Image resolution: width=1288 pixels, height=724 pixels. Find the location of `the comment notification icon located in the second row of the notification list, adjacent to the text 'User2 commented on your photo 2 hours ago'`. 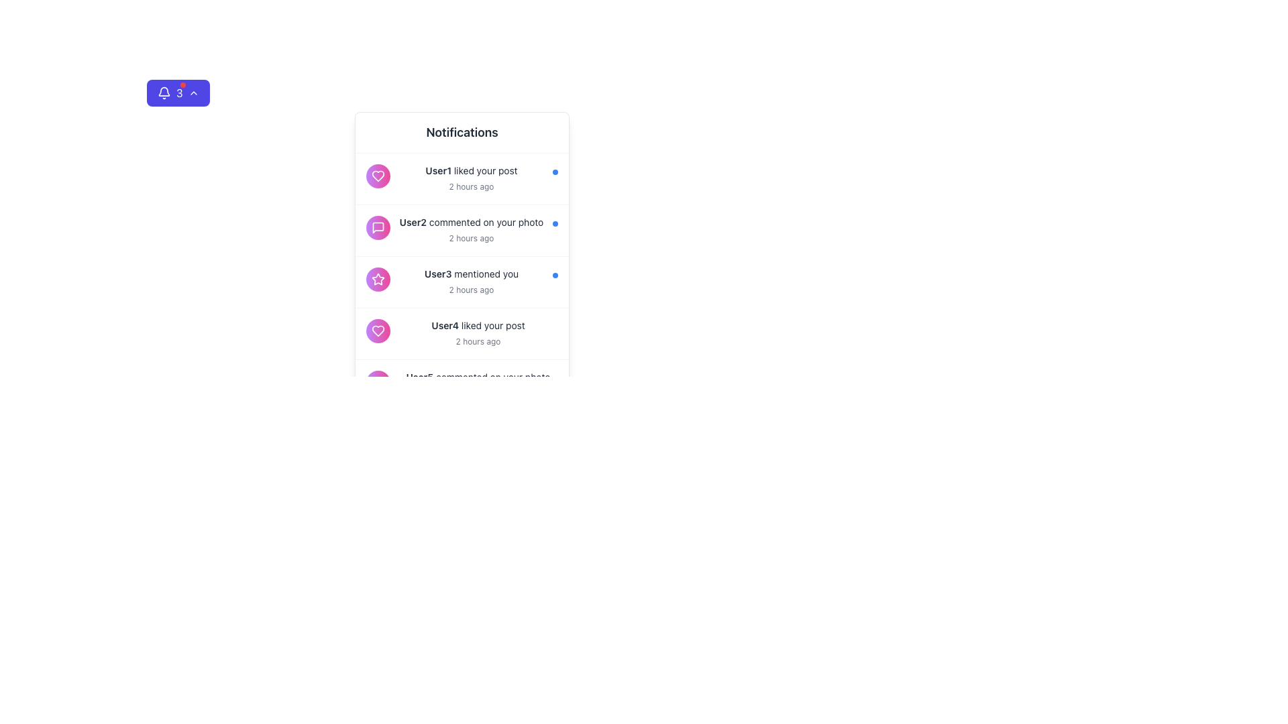

the comment notification icon located in the second row of the notification list, adjacent to the text 'User2 commented on your photo 2 hours ago' is located at coordinates (378, 227).